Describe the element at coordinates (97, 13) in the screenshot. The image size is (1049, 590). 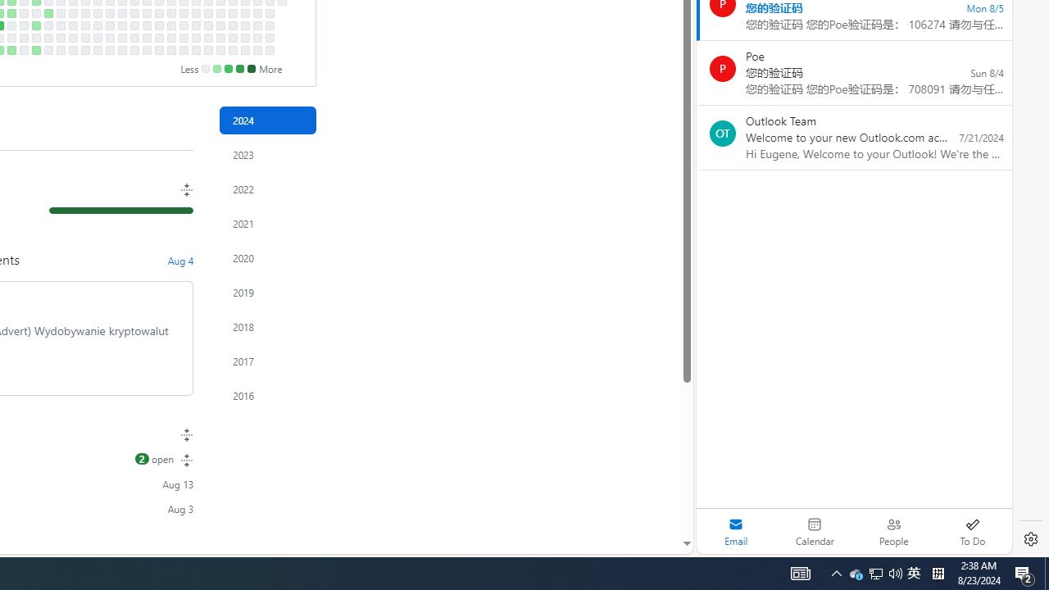
I see `'No contributions on September 18th.'` at that location.